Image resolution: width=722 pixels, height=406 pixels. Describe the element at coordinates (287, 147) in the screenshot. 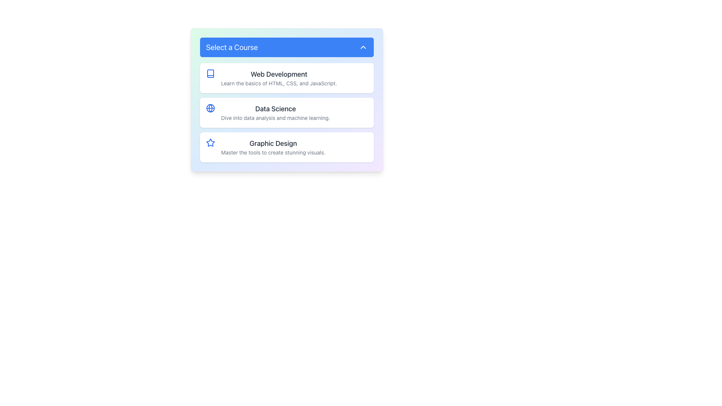

I see `the course card that describes 'Graphic Design', which is the third item in a vertical list of course options` at that location.